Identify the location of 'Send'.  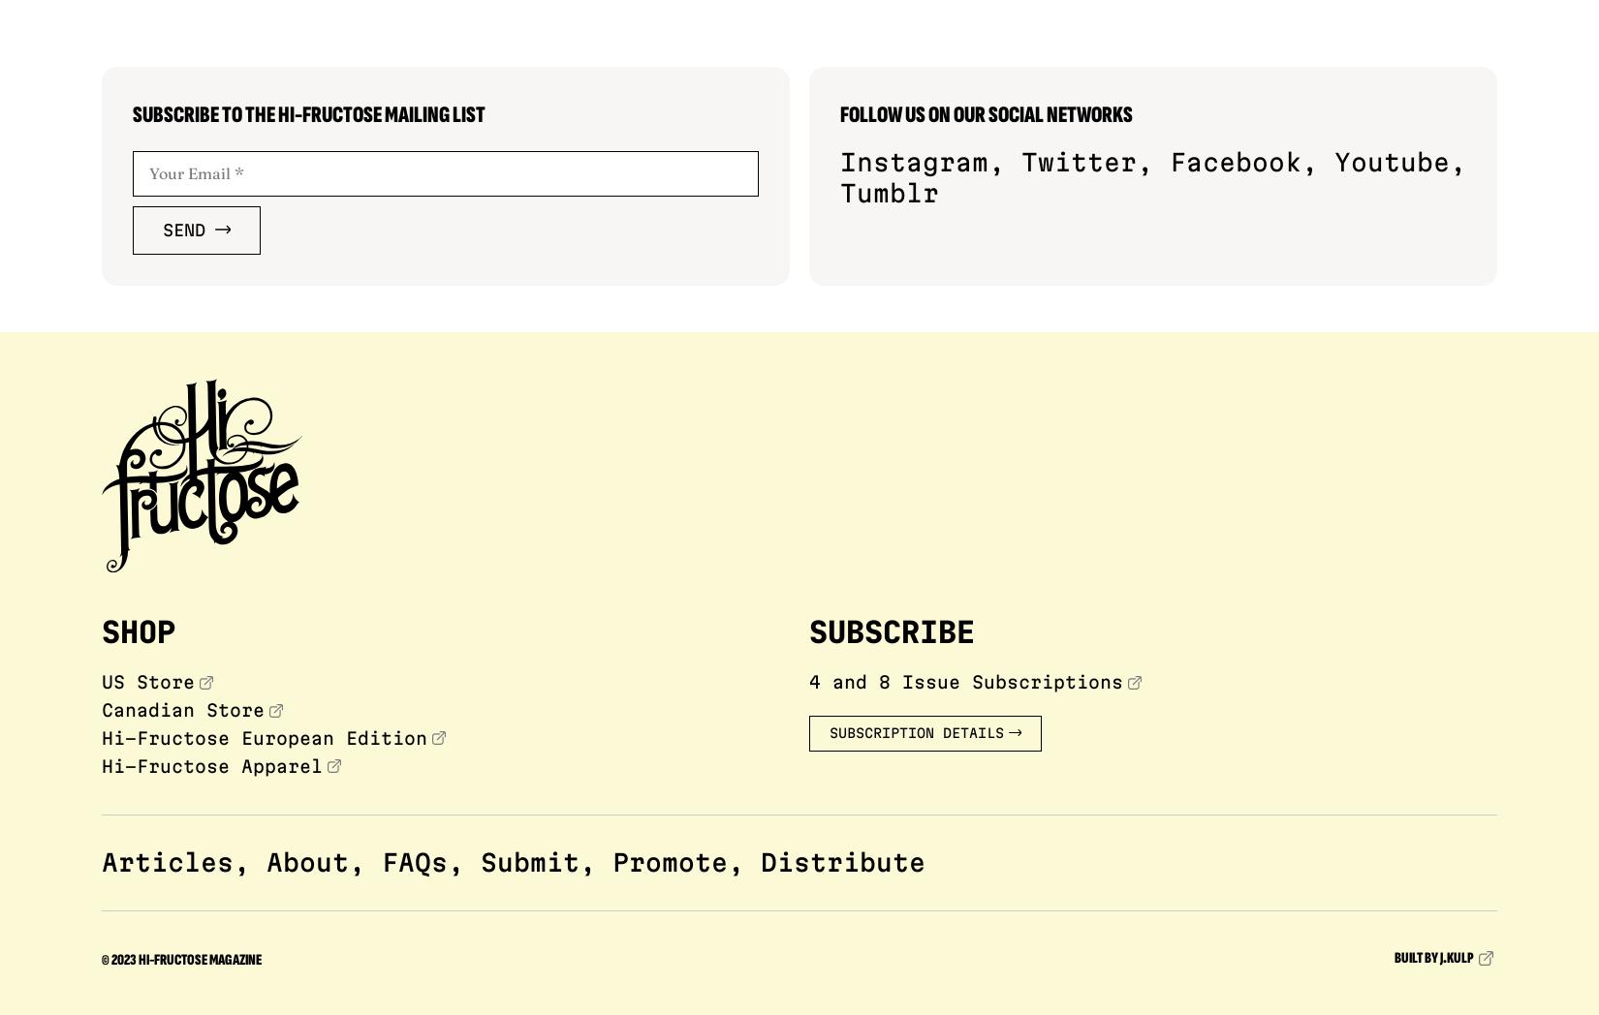
(184, 229).